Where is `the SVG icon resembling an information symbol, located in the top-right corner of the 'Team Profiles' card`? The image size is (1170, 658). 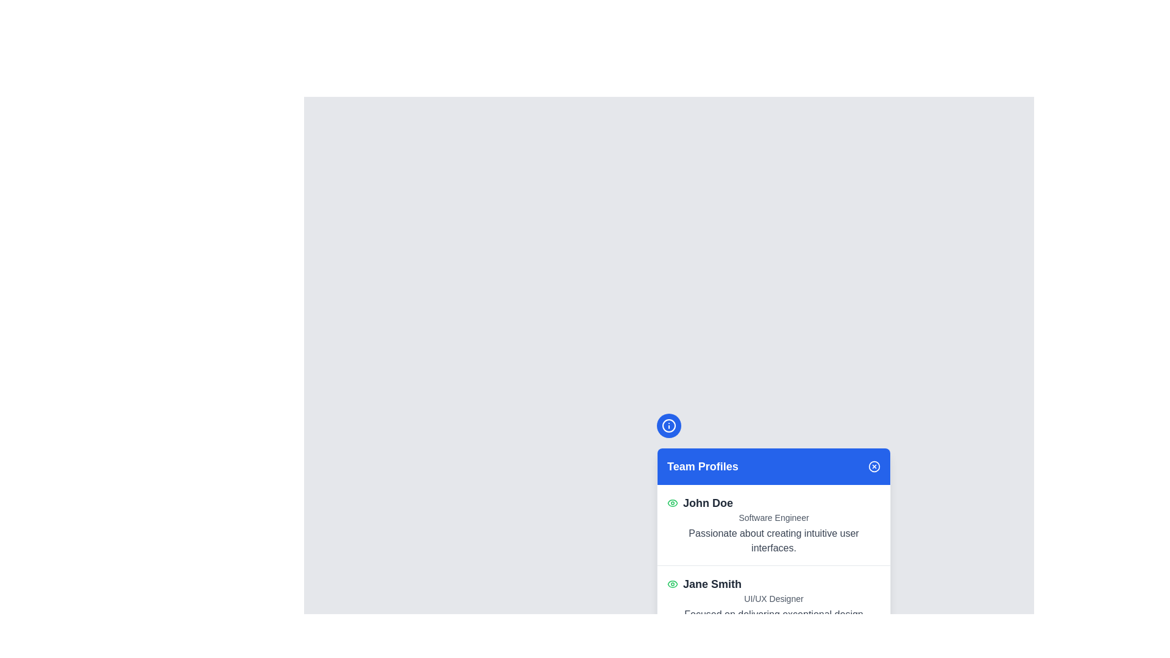
the SVG icon resembling an information symbol, located in the top-right corner of the 'Team Profiles' card is located at coordinates (668, 425).